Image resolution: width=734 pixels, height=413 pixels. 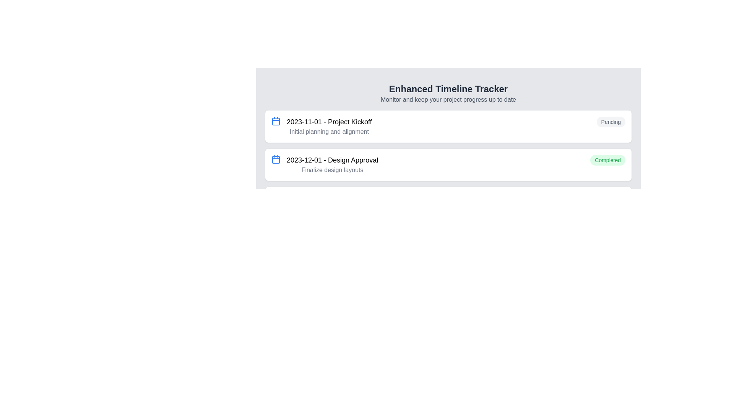 What do you see at coordinates (332, 164) in the screenshot?
I see `text from the Text Label which contains two lines: '2023-12-01 - Design Approval' and 'Finalize design layouts'` at bounding box center [332, 164].